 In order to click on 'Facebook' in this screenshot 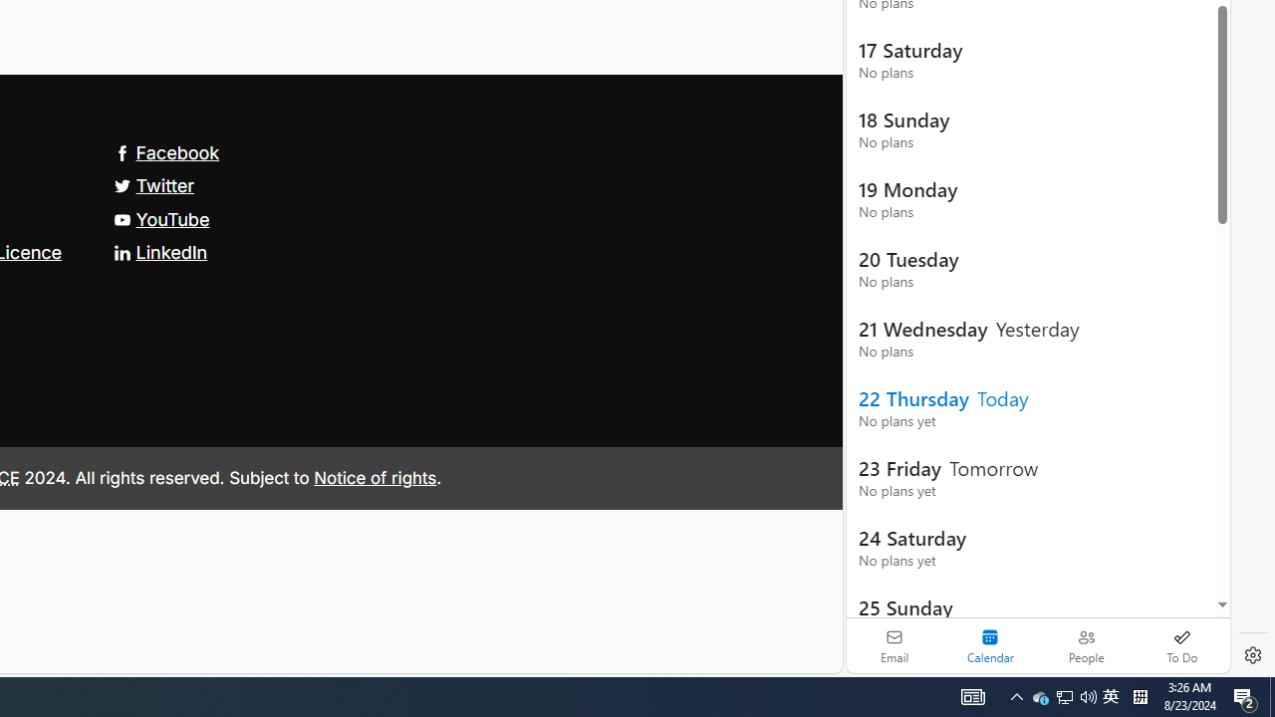, I will do `click(166, 151)`.